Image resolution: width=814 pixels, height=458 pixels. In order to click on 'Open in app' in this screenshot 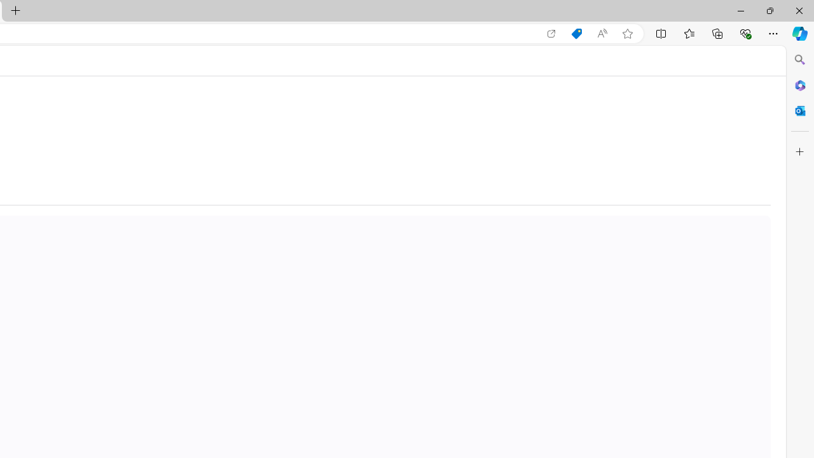, I will do `click(551, 33)`.